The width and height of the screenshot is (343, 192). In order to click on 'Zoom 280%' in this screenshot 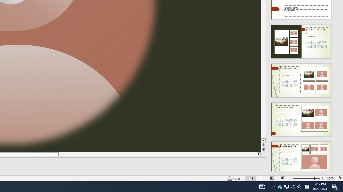, I will do `click(330, 178)`.